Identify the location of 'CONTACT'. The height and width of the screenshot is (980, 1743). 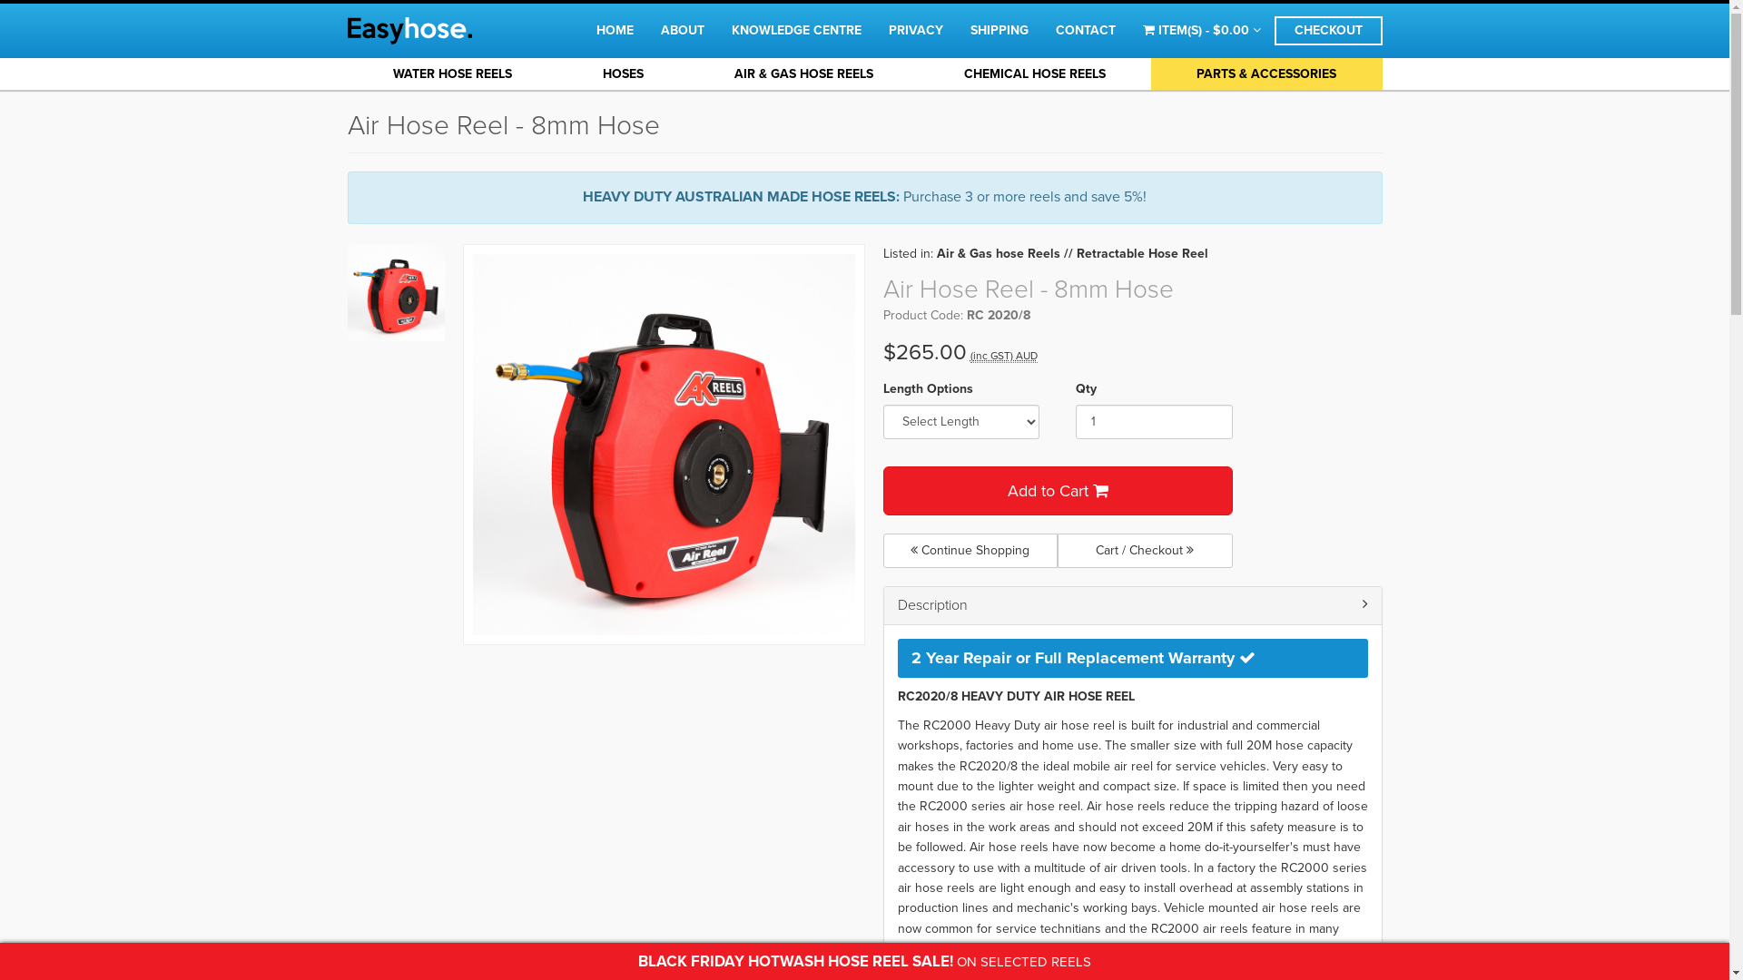
(1085, 31).